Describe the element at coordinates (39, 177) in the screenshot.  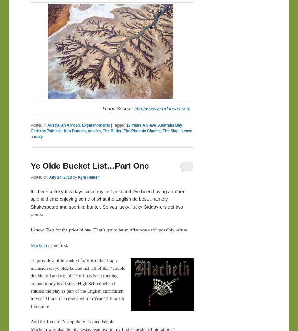
I see `'Posted on'` at that location.